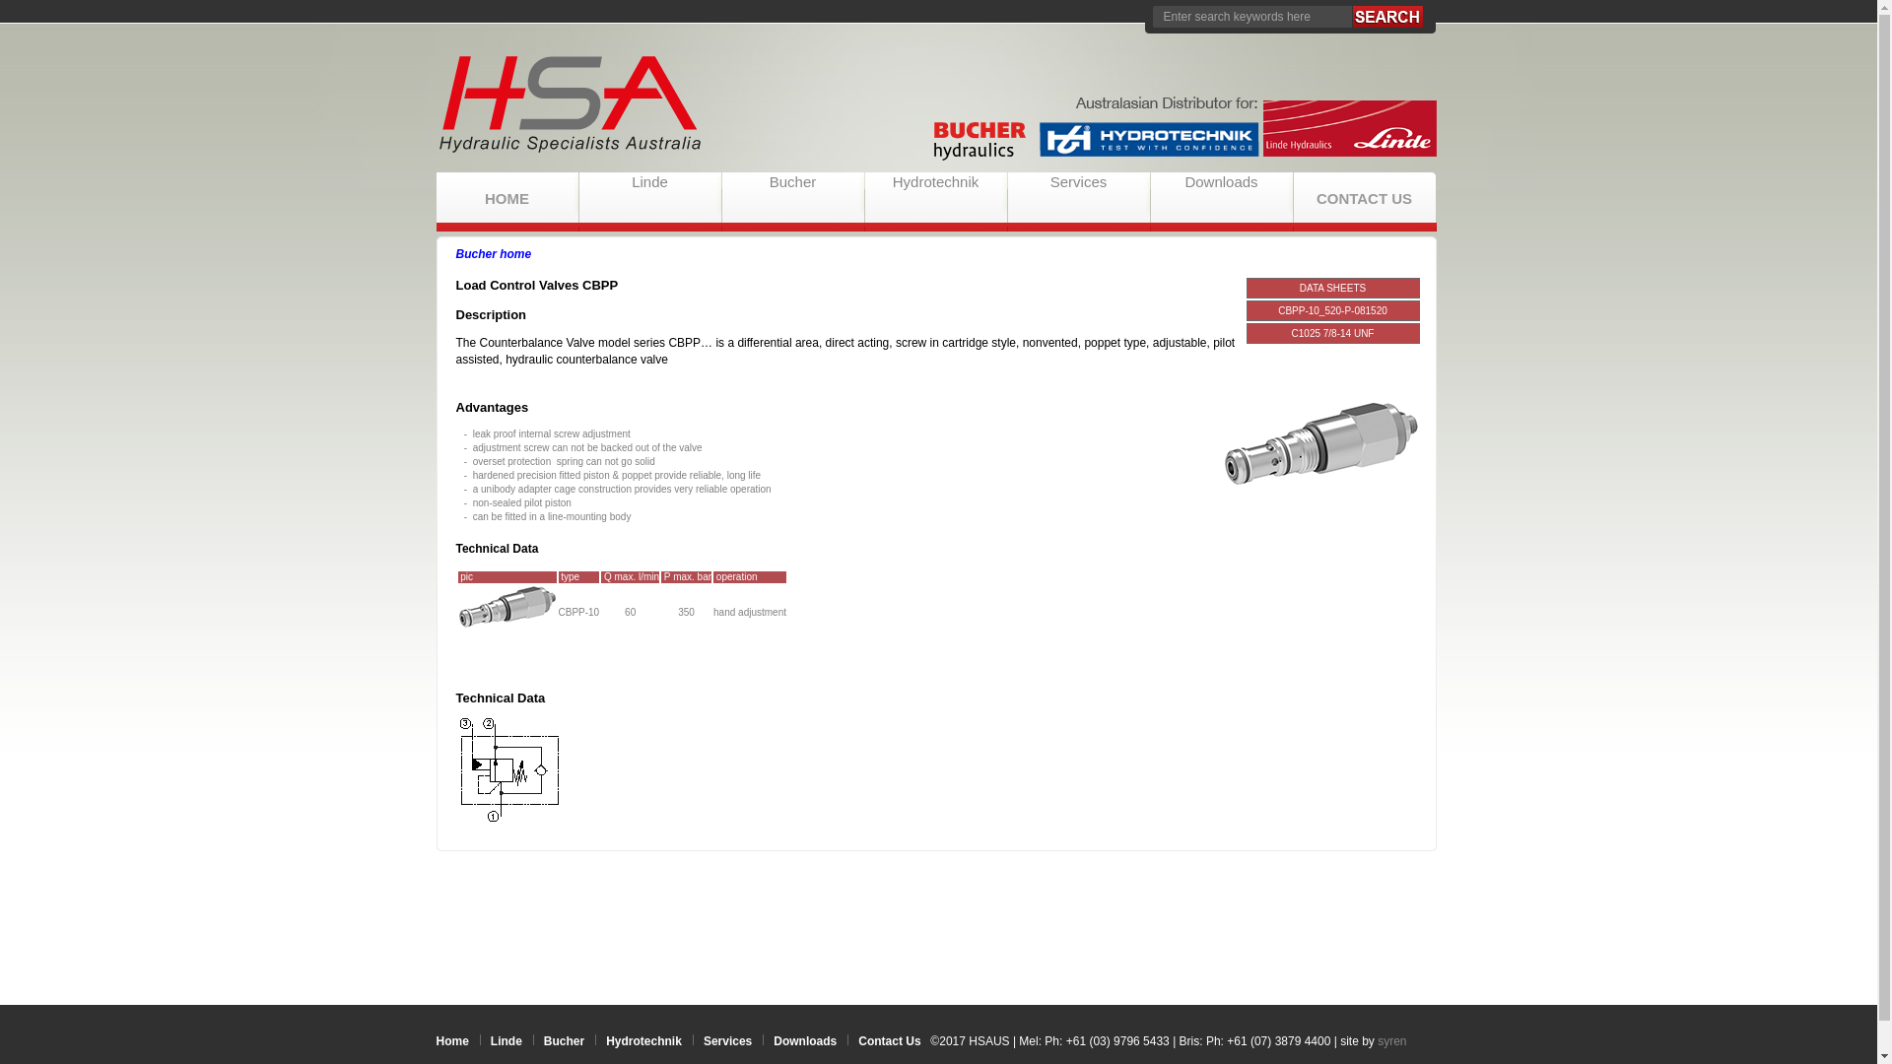 This screenshot has height=1064, width=1892. Describe the element at coordinates (632, 181) in the screenshot. I see `'Linde'` at that location.